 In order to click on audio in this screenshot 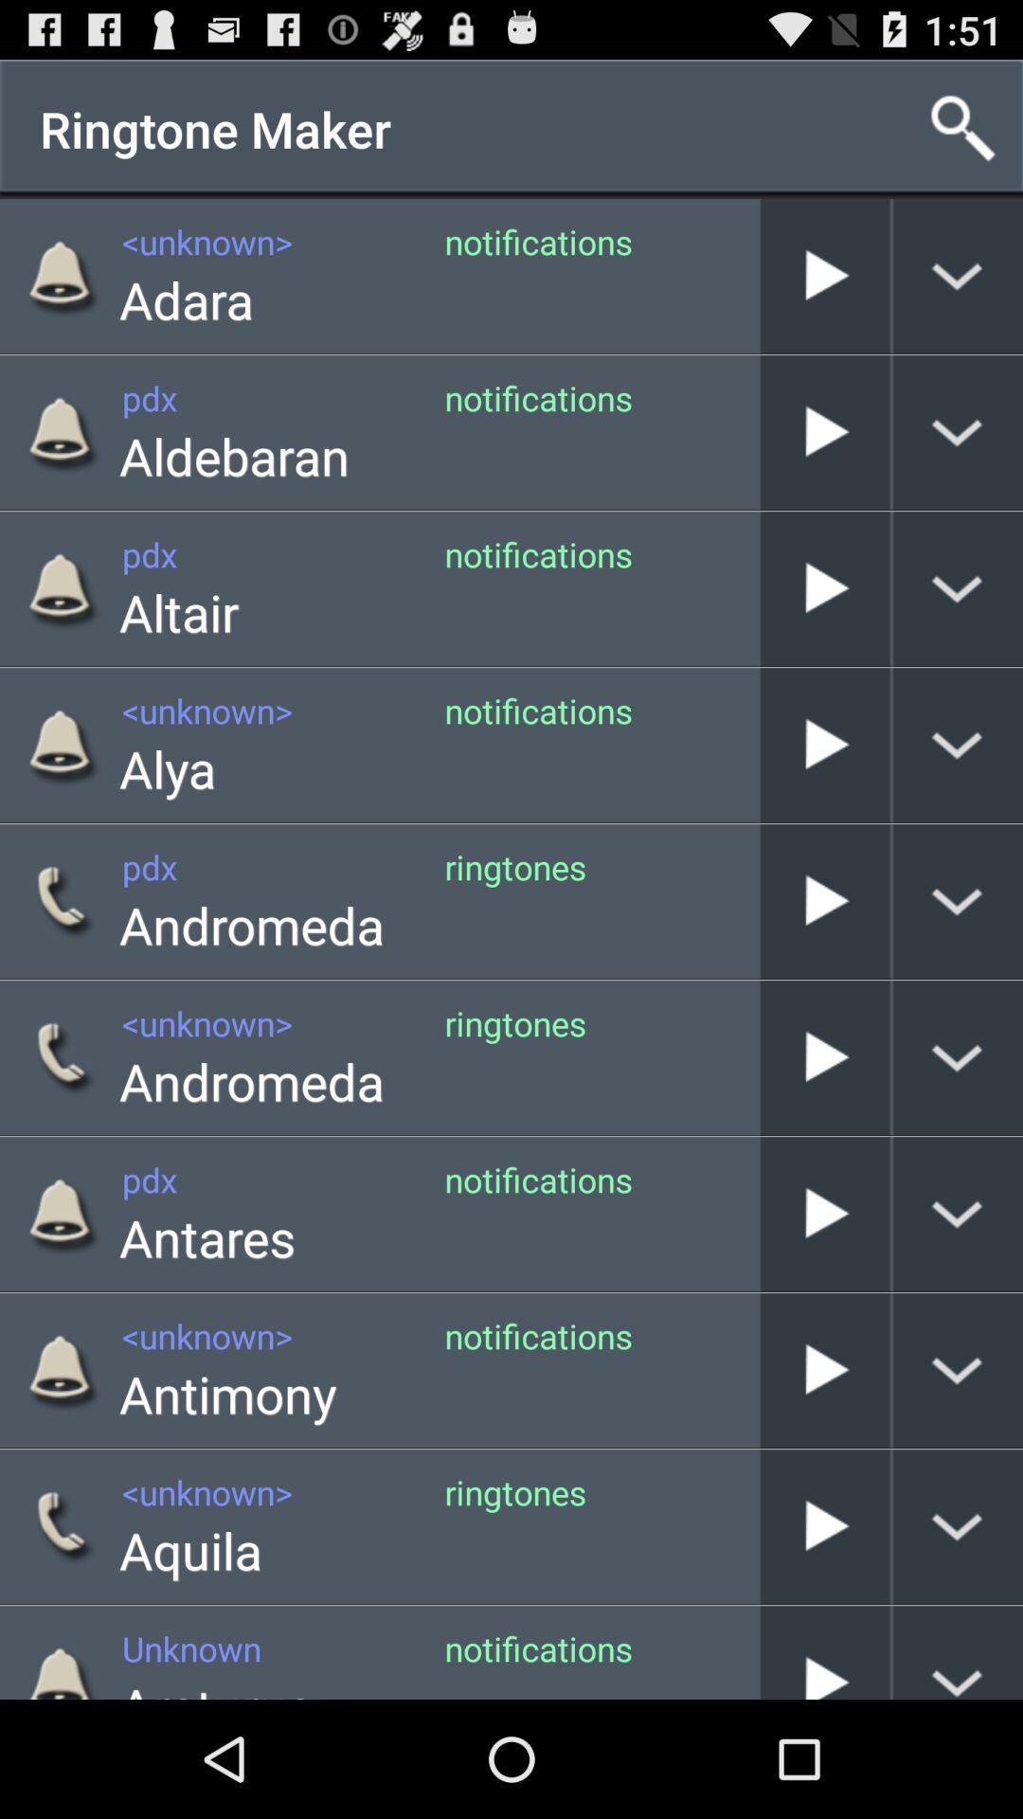, I will do `click(824, 1651)`.